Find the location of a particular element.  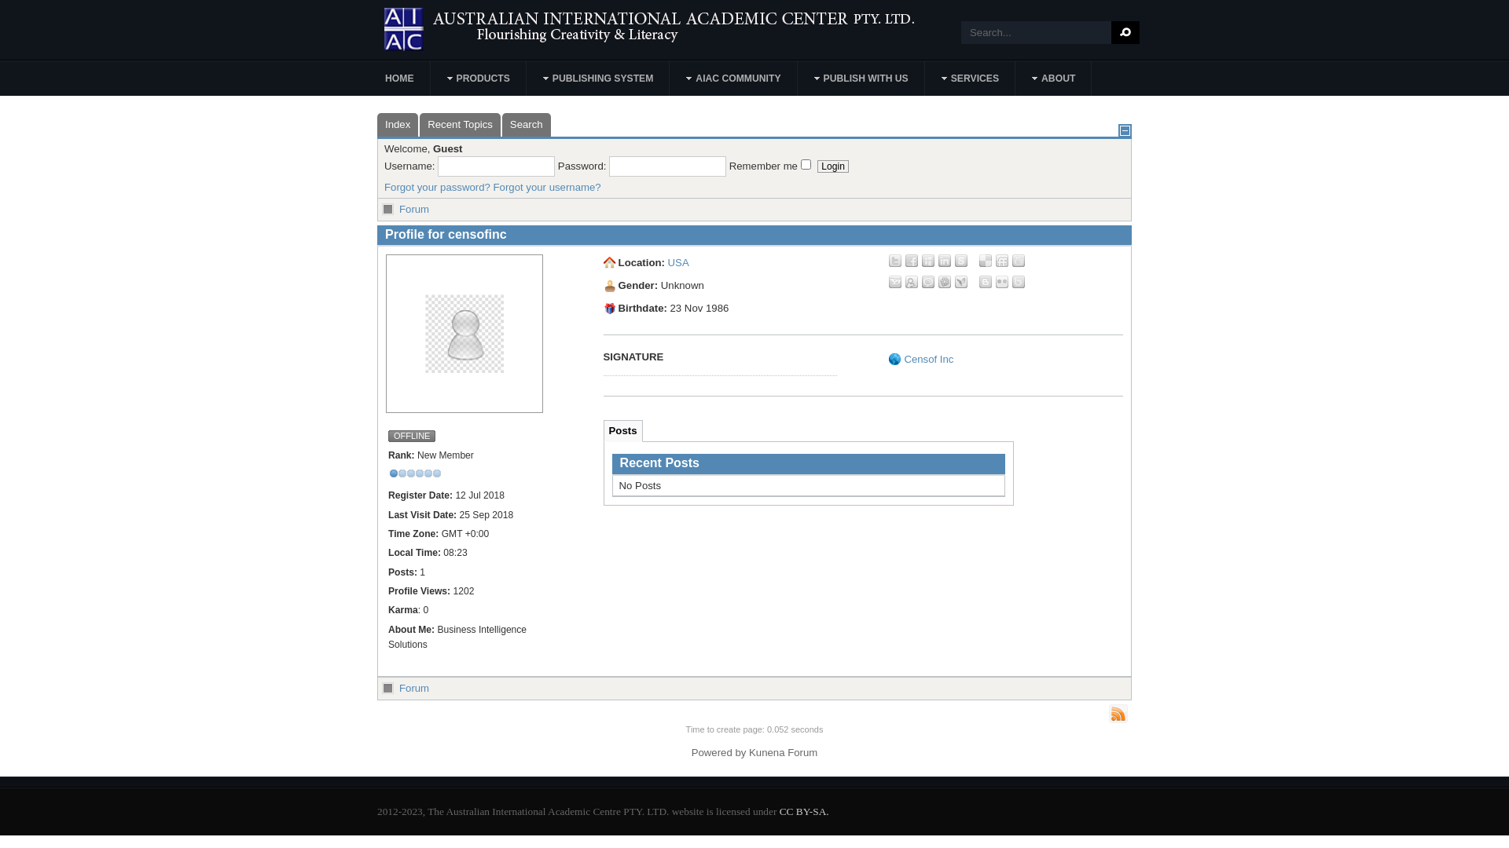

'Kunena Forum' is located at coordinates (783, 751).